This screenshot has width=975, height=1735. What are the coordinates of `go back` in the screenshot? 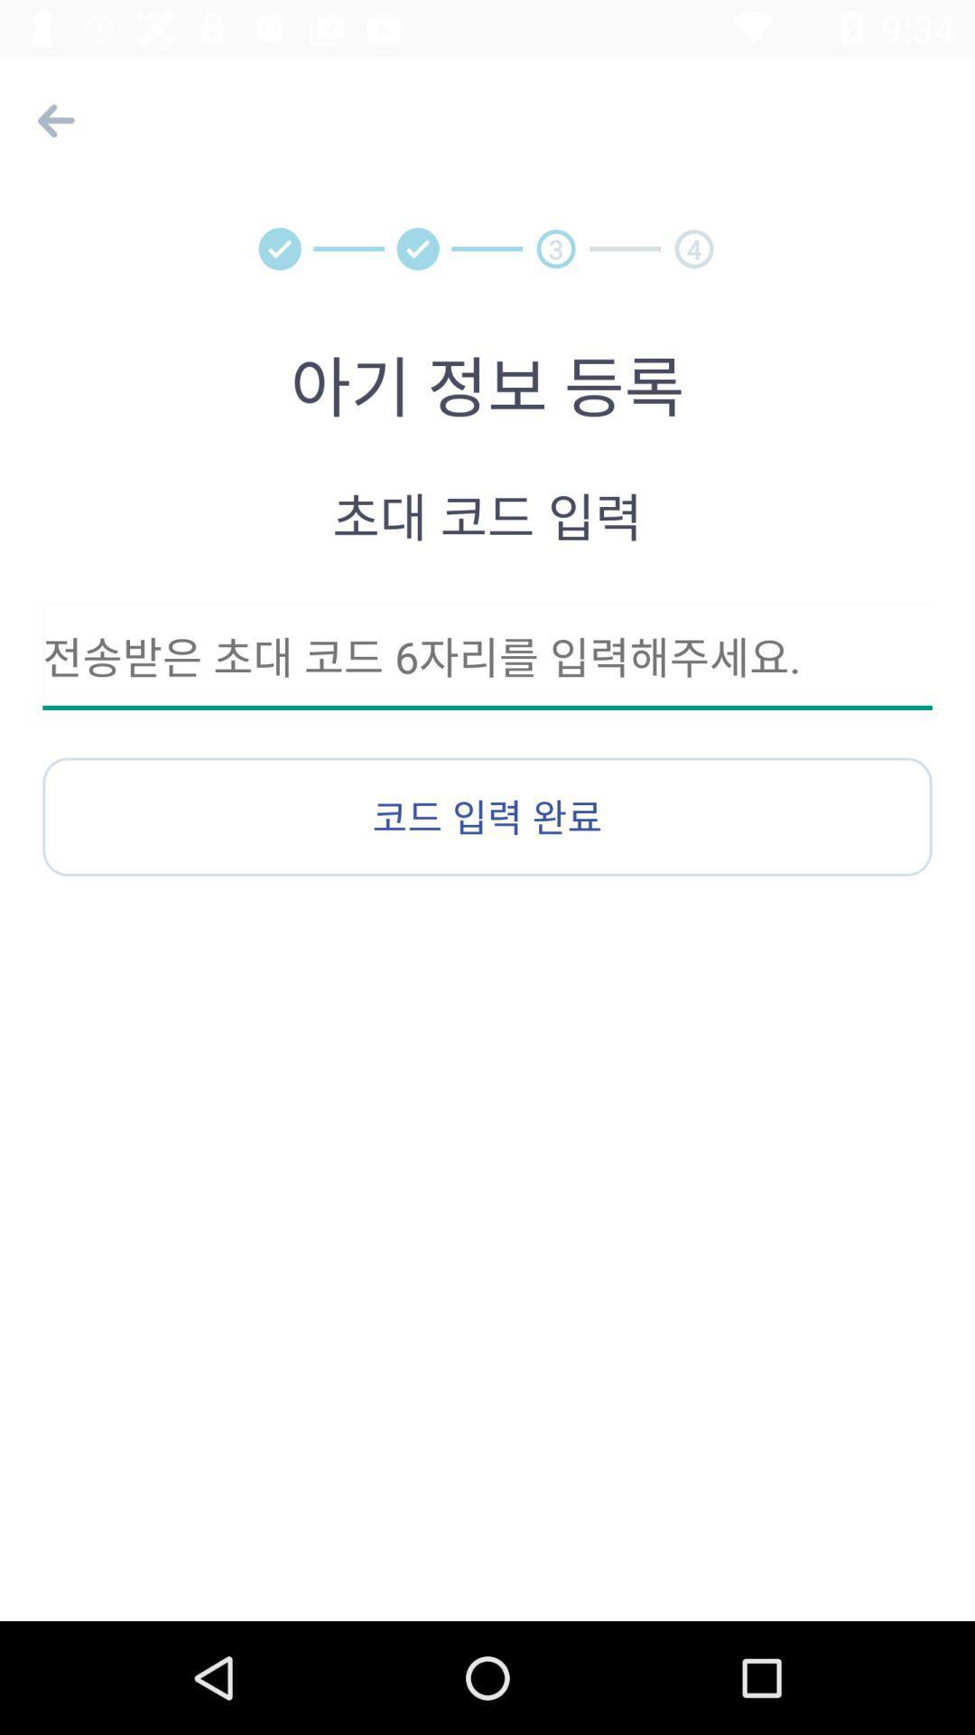 It's located at (51, 119).